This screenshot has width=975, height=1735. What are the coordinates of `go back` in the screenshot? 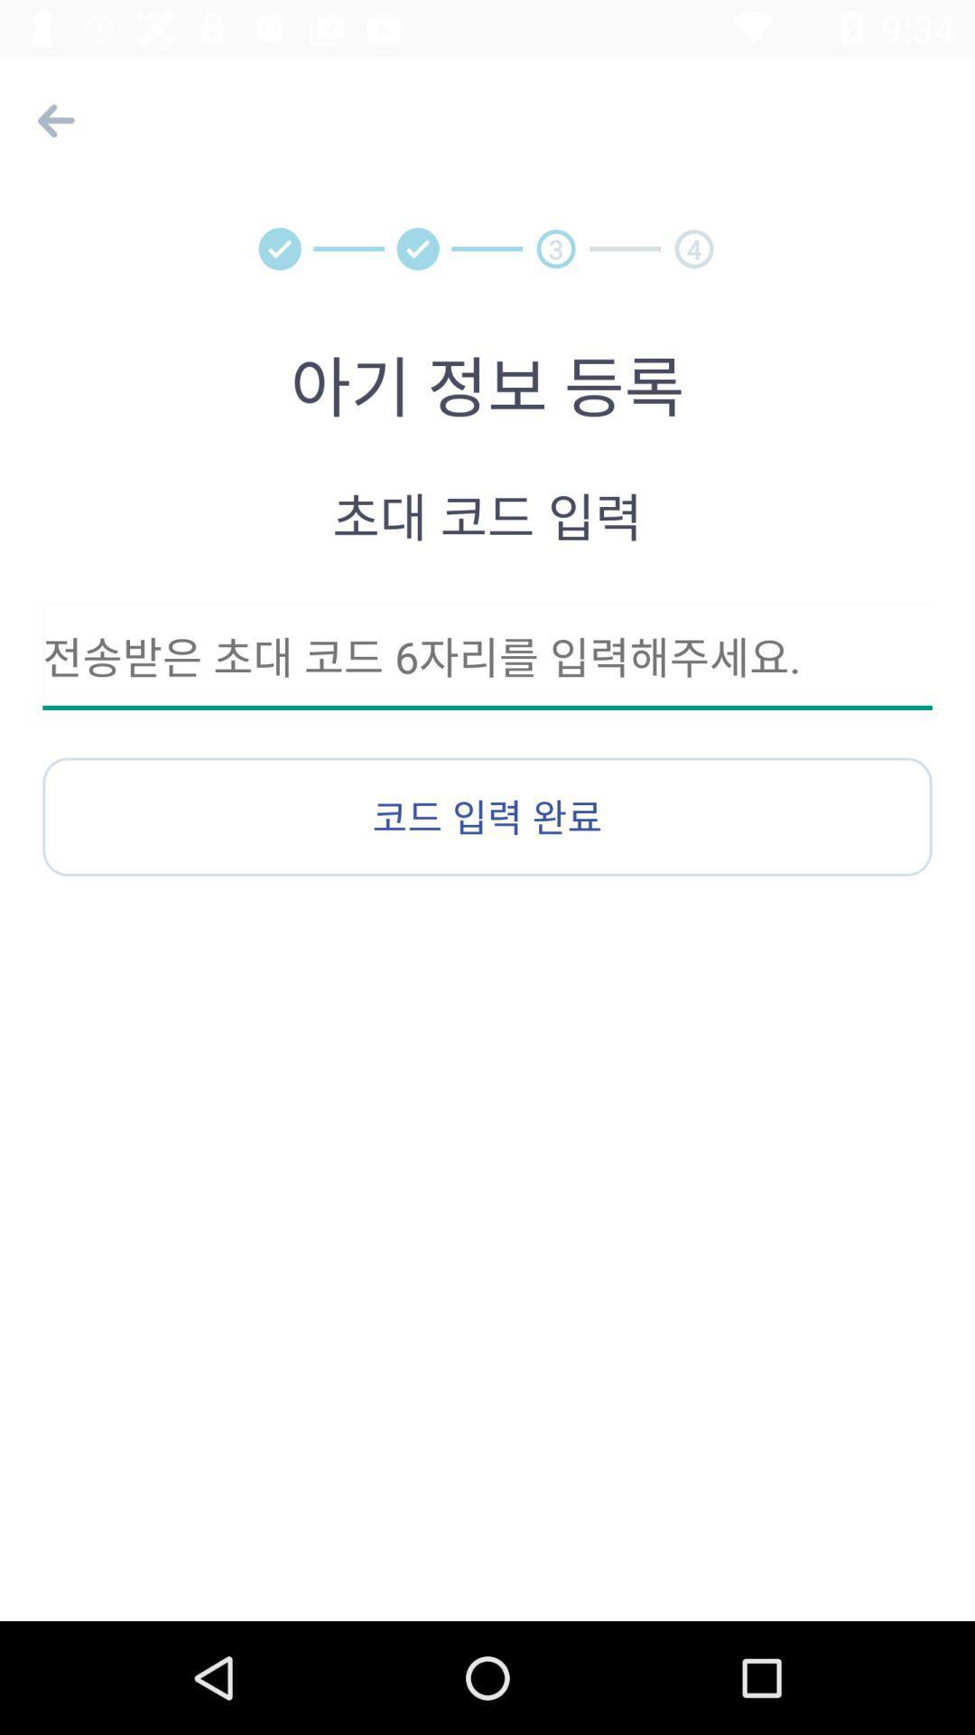 It's located at (51, 119).